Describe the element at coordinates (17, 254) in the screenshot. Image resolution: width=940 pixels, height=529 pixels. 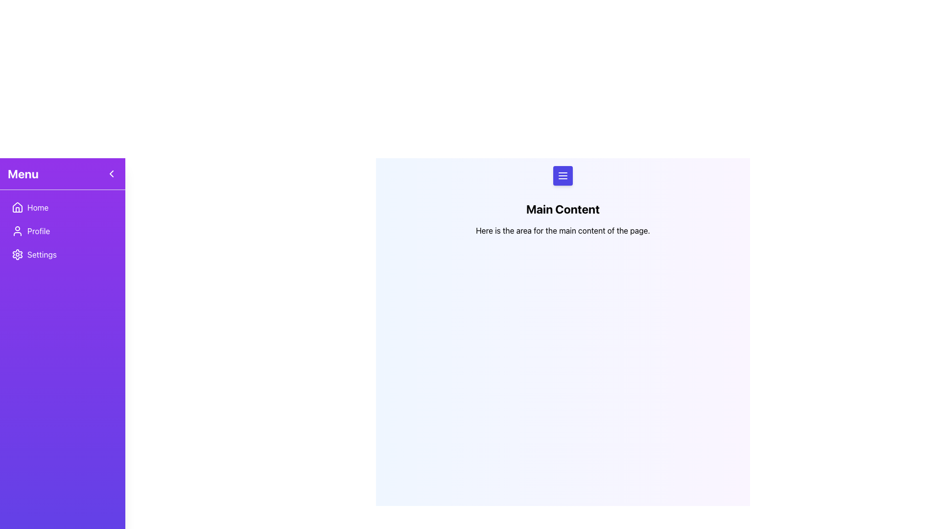
I see `the settings icon, which resembles a gear and is styled in white against a purple background, located in the left sidebar of the settings menu` at that location.